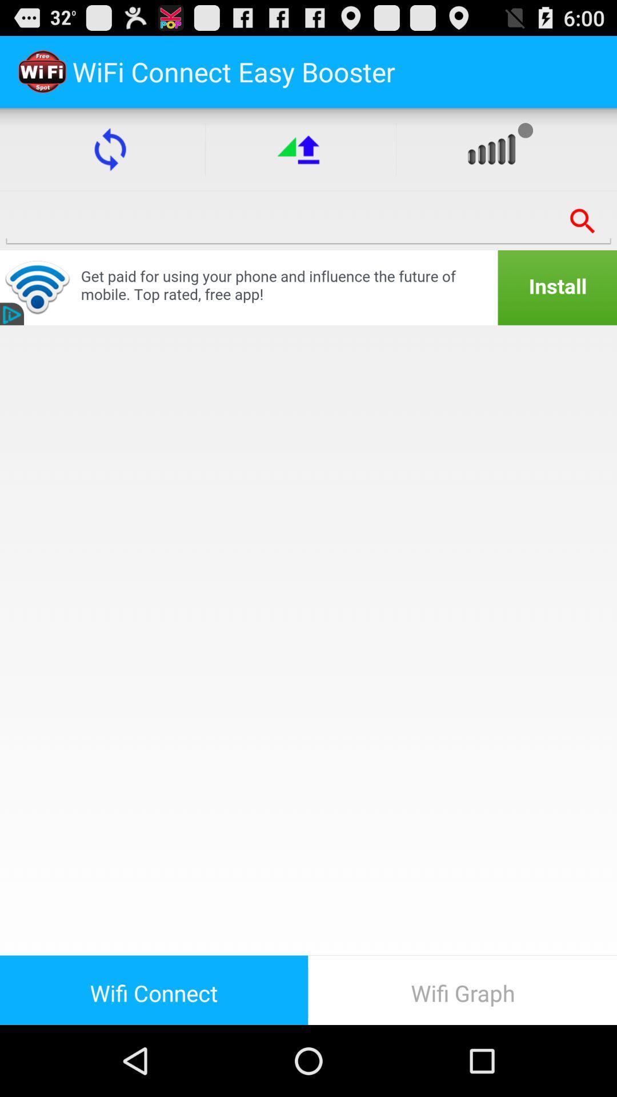 The width and height of the screenshot is (617, 1097). I want to click on item at the center, so click(308, 640).